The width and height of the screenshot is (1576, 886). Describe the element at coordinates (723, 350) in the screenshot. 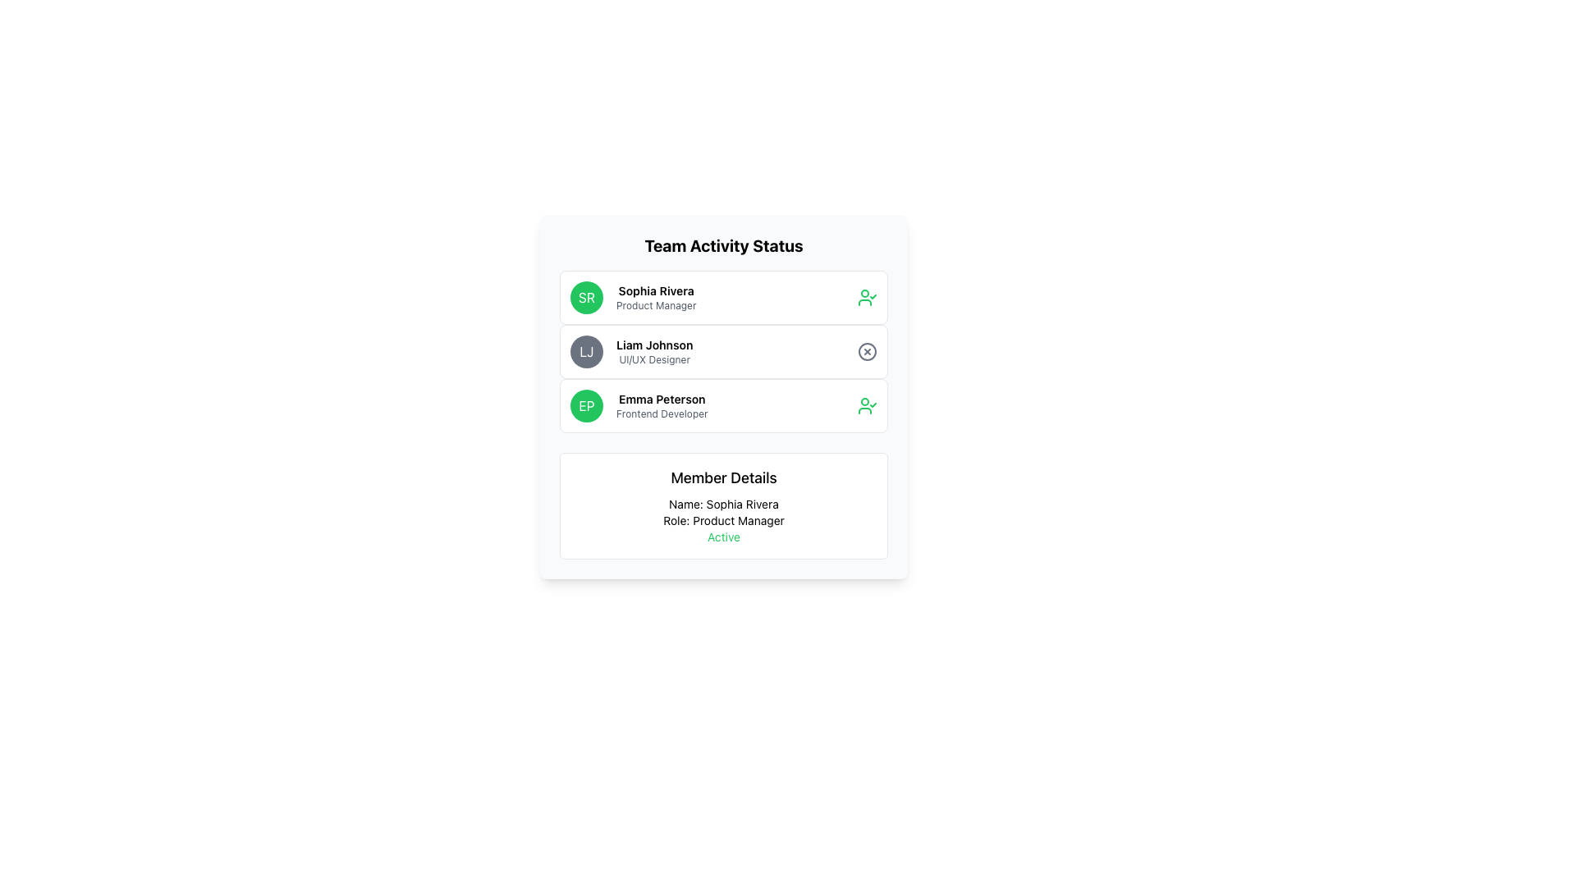

I see `the horizontal card containing the avatar 'LJ' and text 'Liam Johnson'` at that location.